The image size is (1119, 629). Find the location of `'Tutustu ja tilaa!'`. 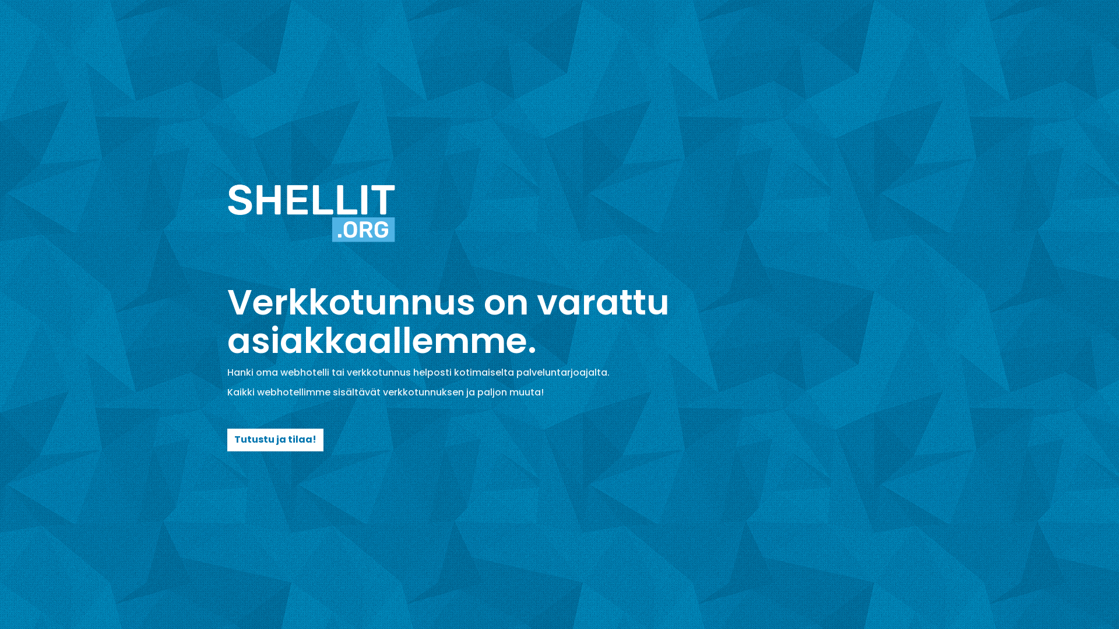

'Tutustu ja tilaa!' is located at coordinates (227, 440).